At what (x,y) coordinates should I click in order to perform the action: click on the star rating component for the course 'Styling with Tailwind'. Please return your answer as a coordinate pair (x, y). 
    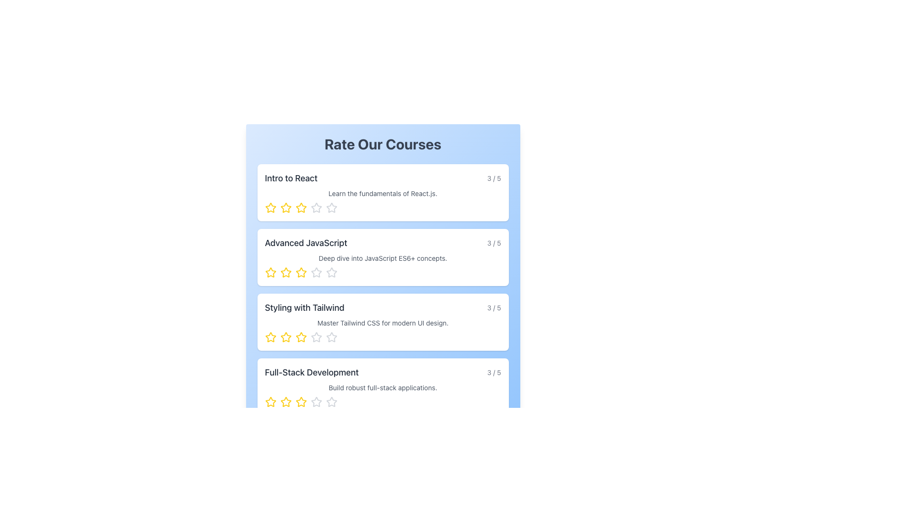
    Looking at the image, I should click on (383, 337).